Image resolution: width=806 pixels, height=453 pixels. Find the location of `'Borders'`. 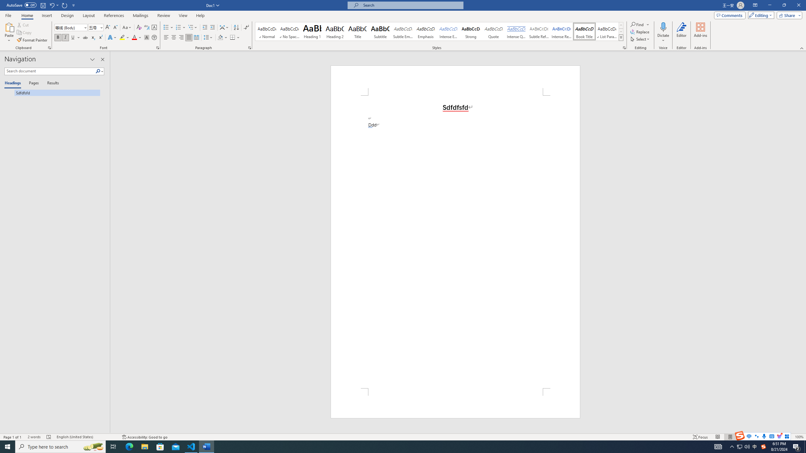

'Borders' is located at coordinates (235, 37).